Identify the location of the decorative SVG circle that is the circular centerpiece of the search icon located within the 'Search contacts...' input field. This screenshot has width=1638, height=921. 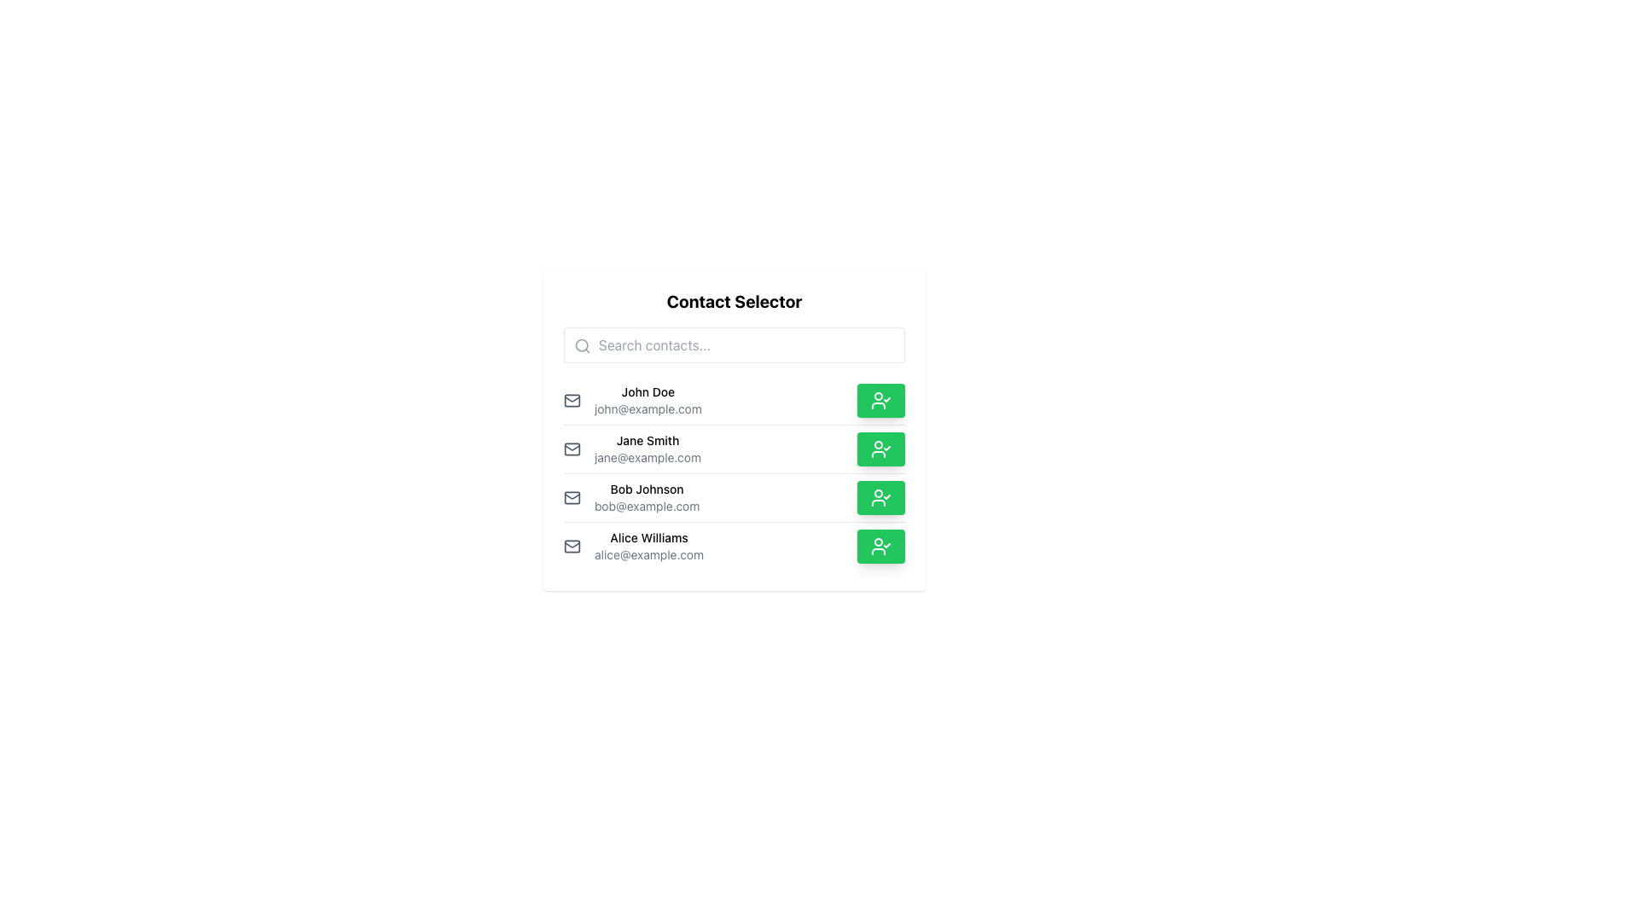
(582, 345).